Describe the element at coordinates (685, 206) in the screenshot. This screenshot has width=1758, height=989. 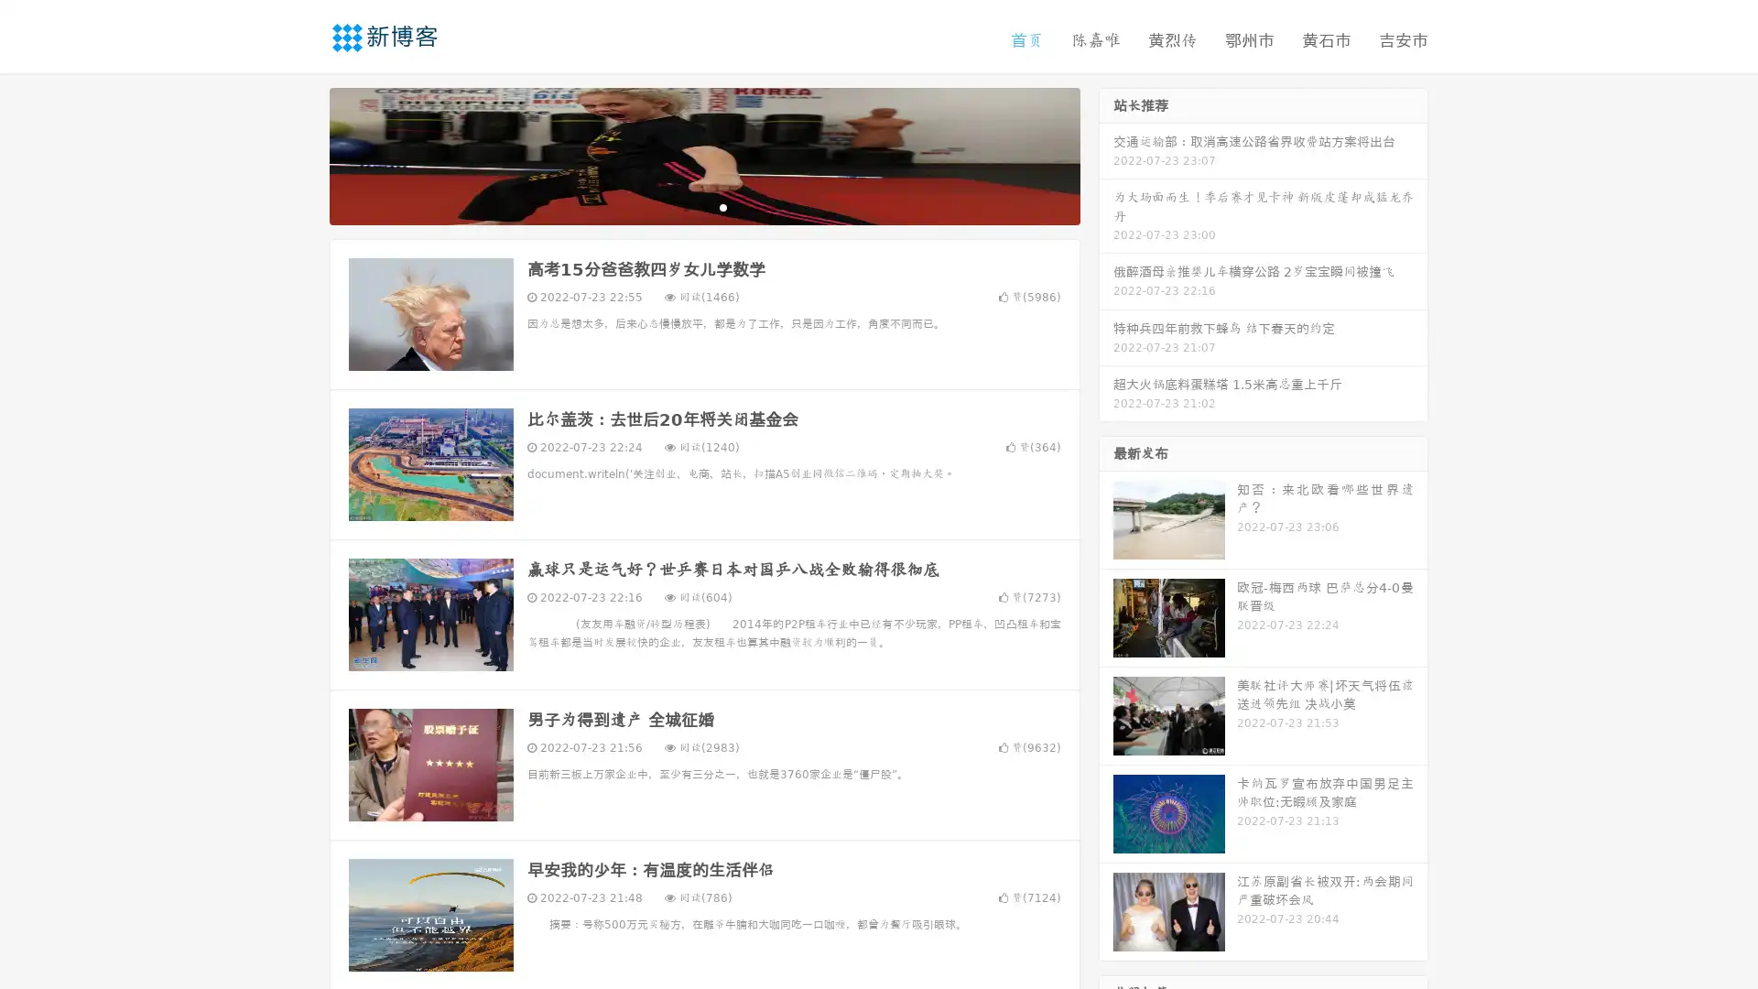
I see `Go to slide 1` at that location.